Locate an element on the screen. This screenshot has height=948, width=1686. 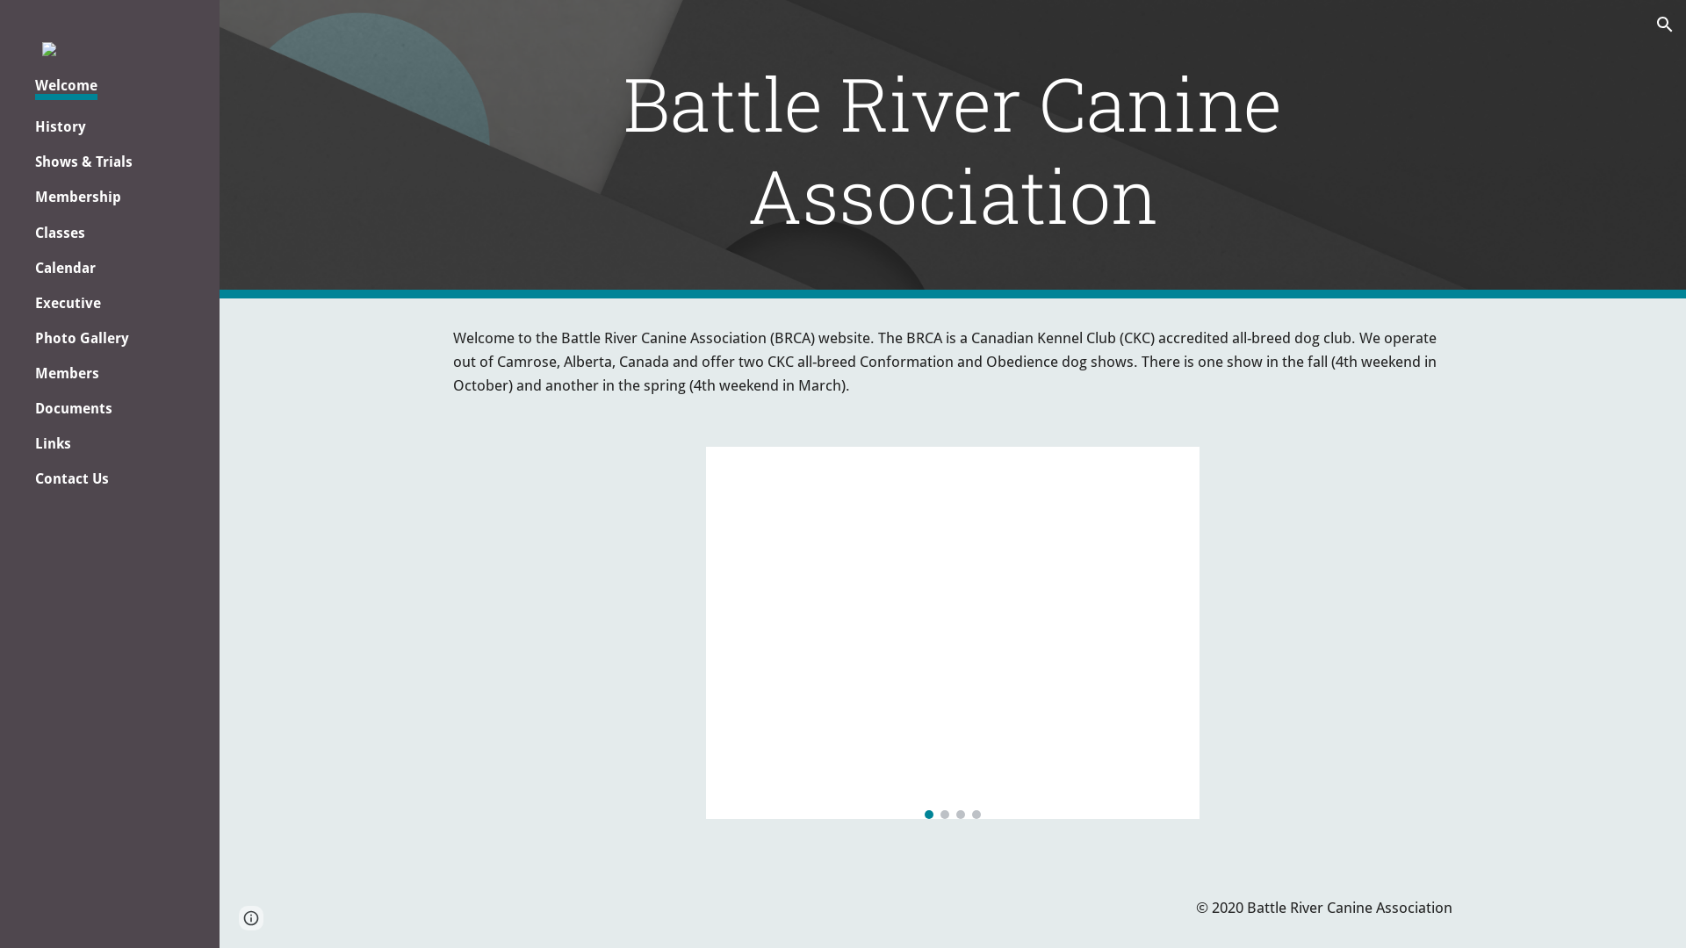
'Membership' is located at coordinates (34, 197).